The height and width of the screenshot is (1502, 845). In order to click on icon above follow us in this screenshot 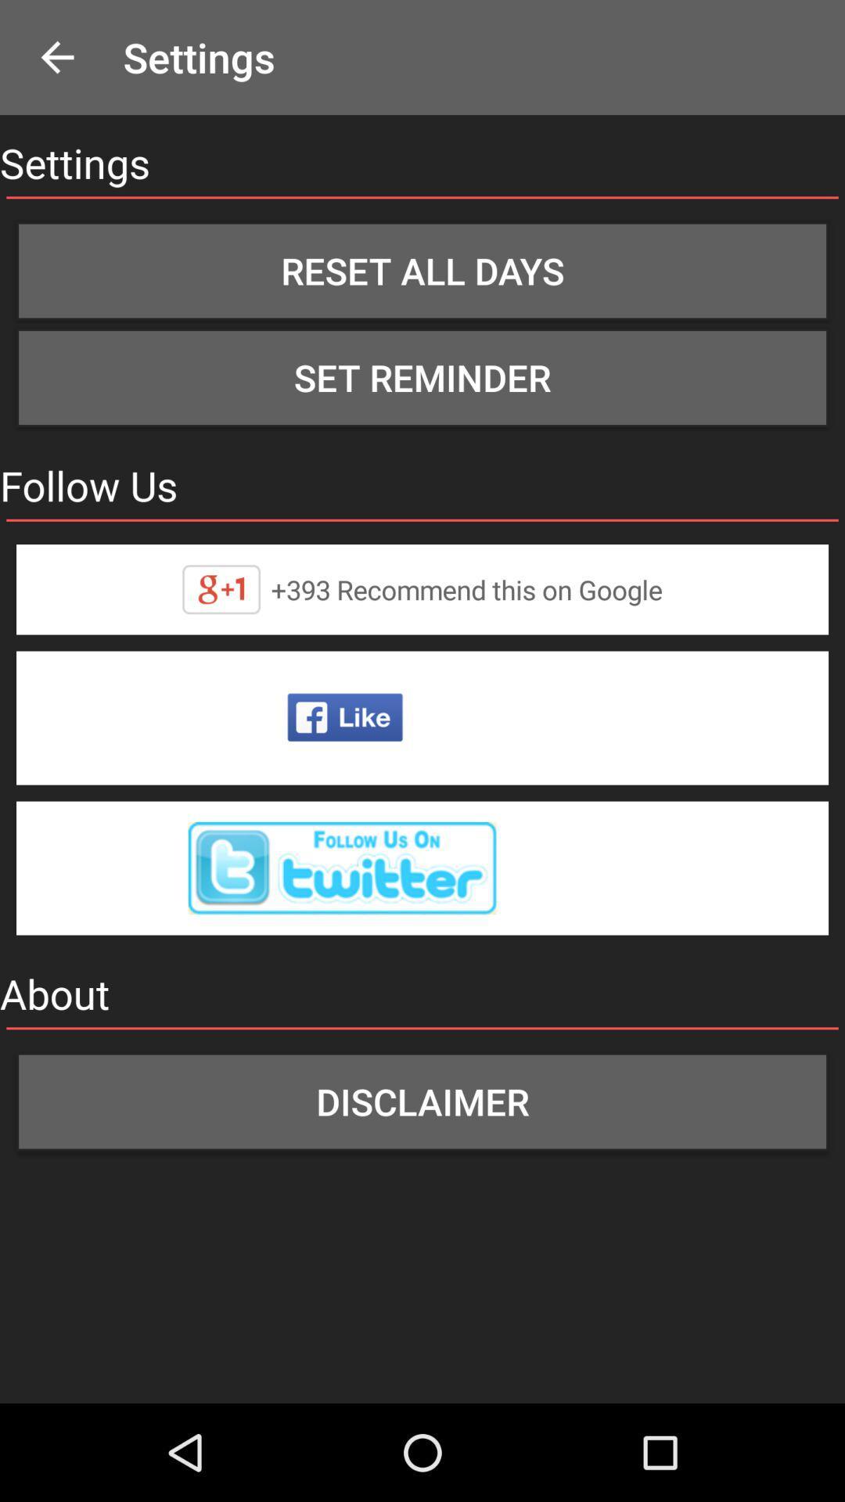, I will do `click(422, 378)`.